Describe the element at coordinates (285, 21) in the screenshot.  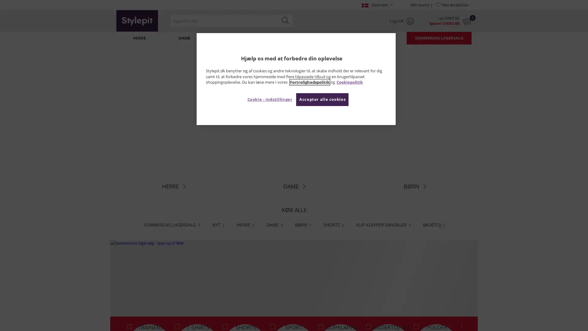
I see `Search` at that location.